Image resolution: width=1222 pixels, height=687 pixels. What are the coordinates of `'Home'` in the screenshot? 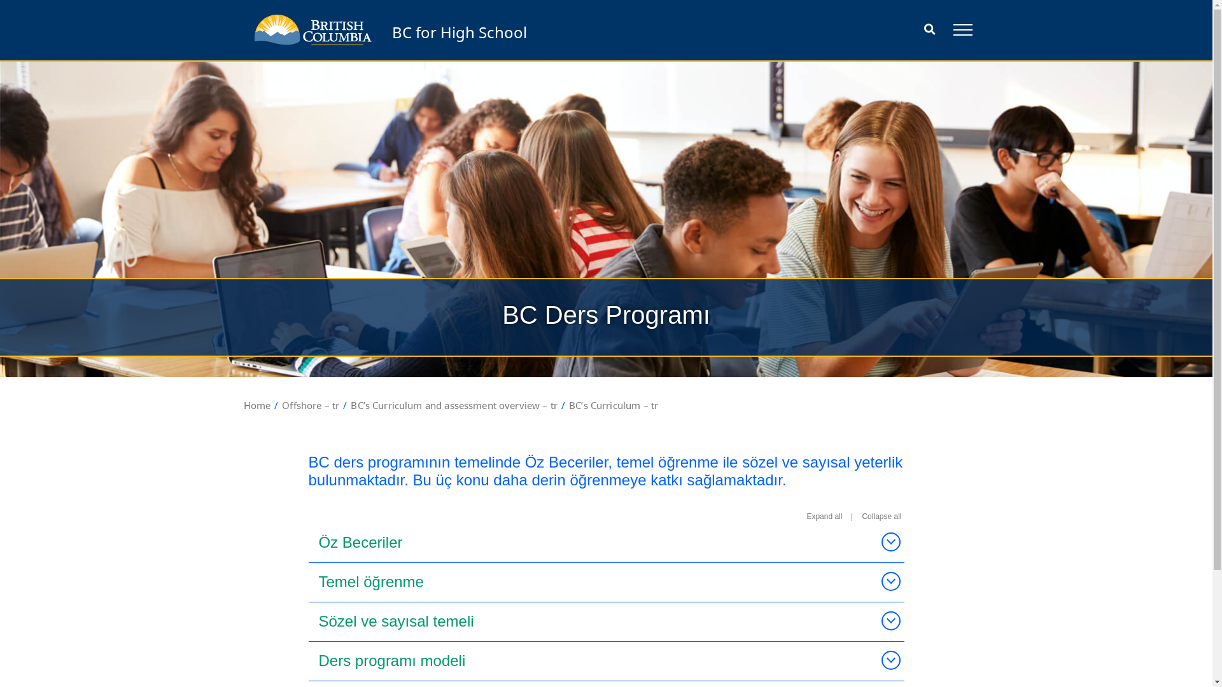 It's located at (256, 405).